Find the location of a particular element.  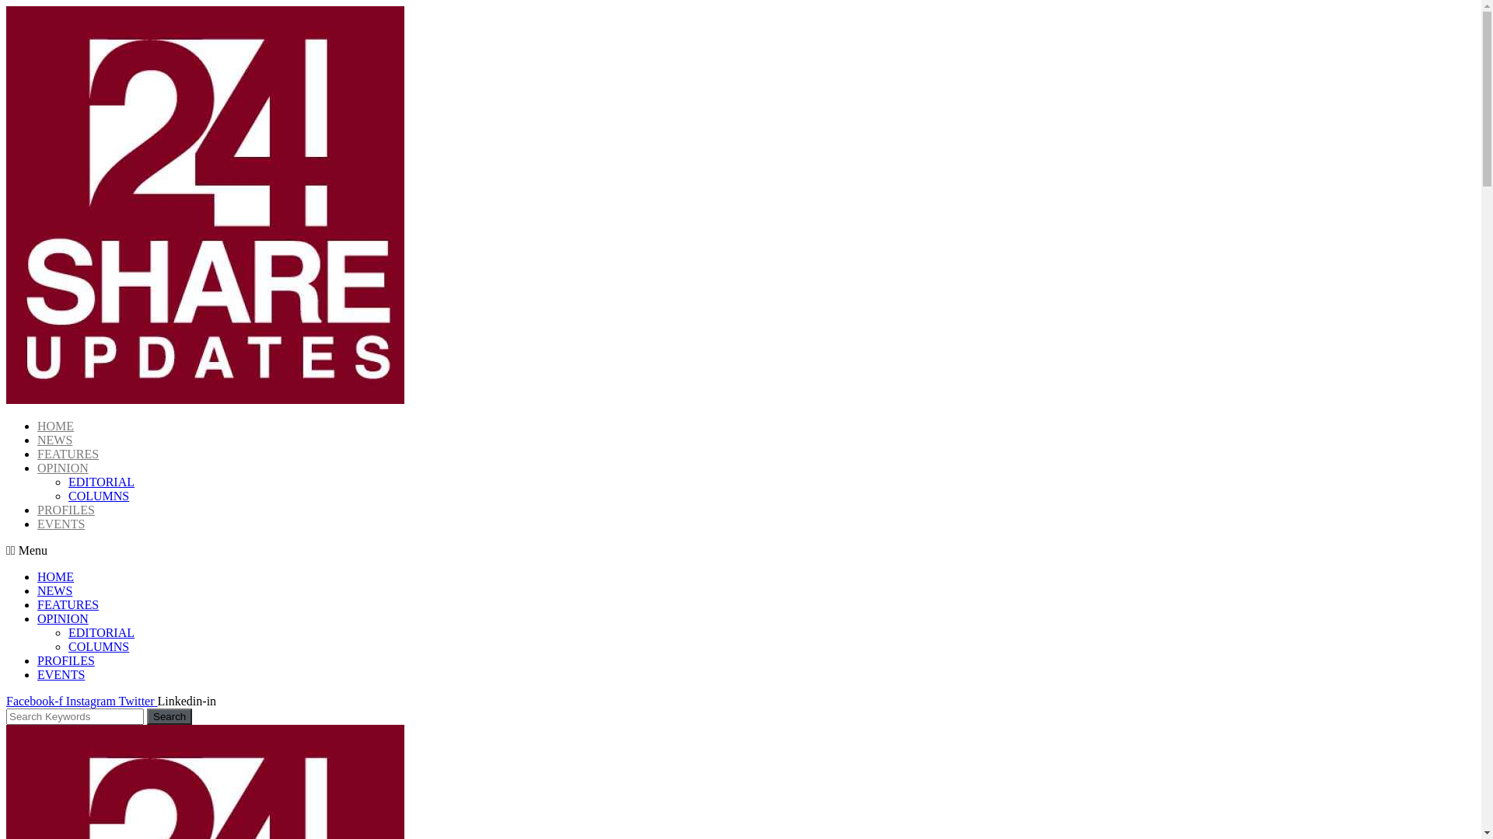

'OPINION' is located at coordinates (62, 467).